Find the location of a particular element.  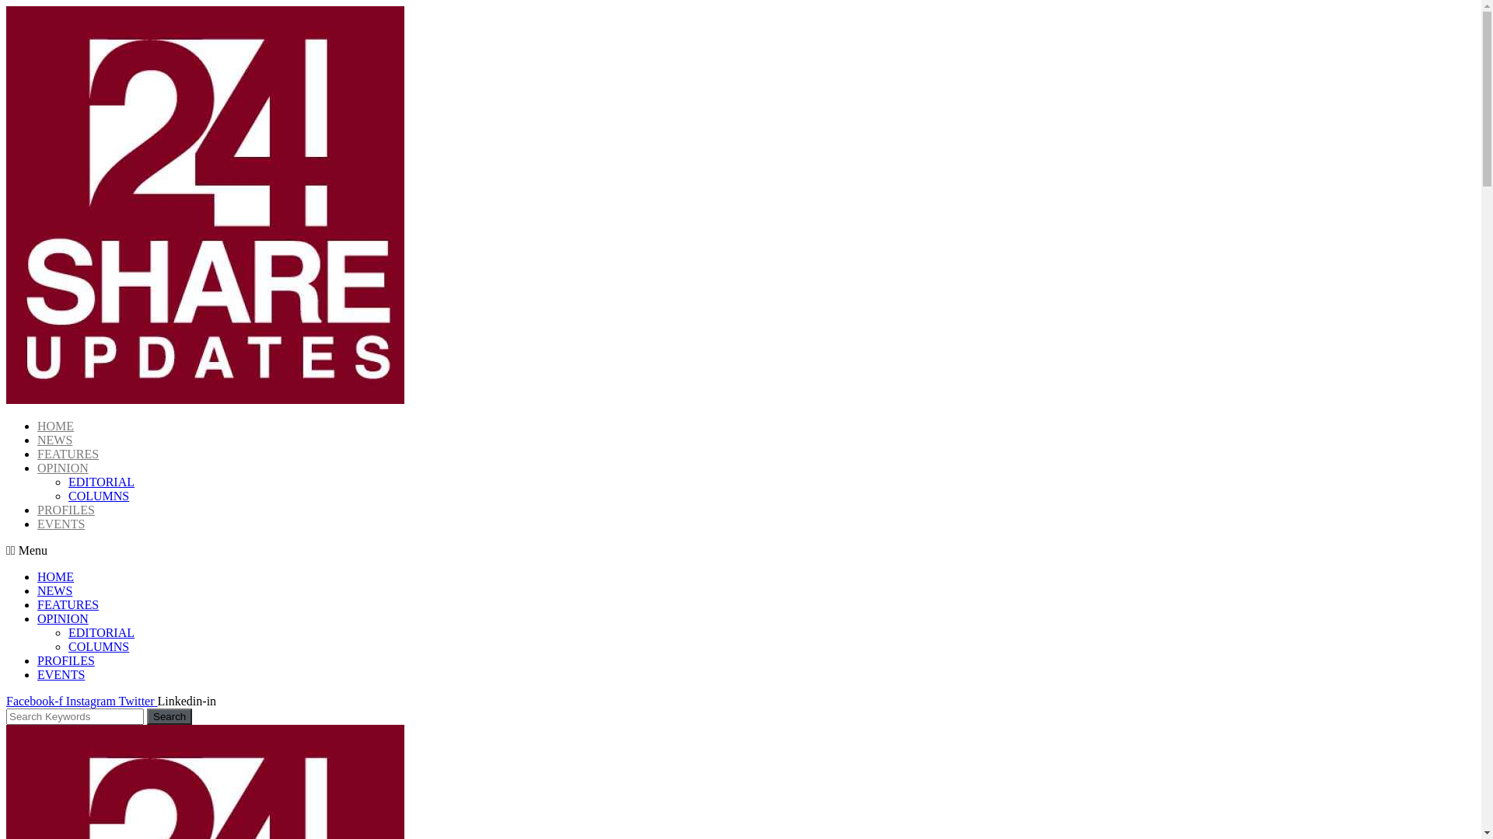

'OPINION' is located at coordinates (62, 467).